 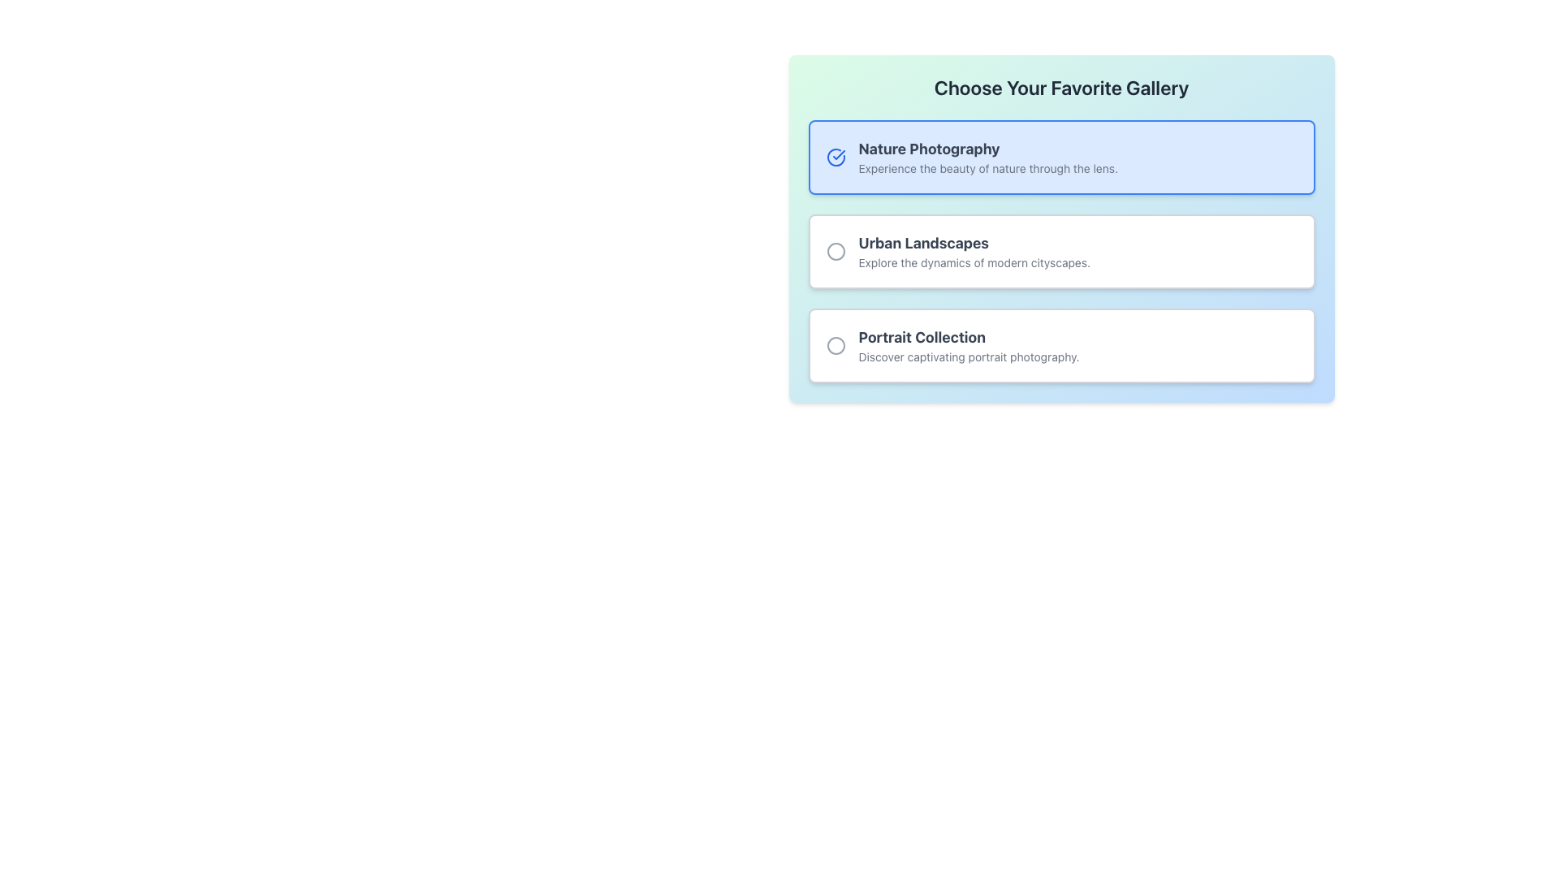 What do you see at coordinates (987, 169) in the screenshot?
I see `the informational text located beneath the 'Nature Photography' title` at bounding box center [987, 169].